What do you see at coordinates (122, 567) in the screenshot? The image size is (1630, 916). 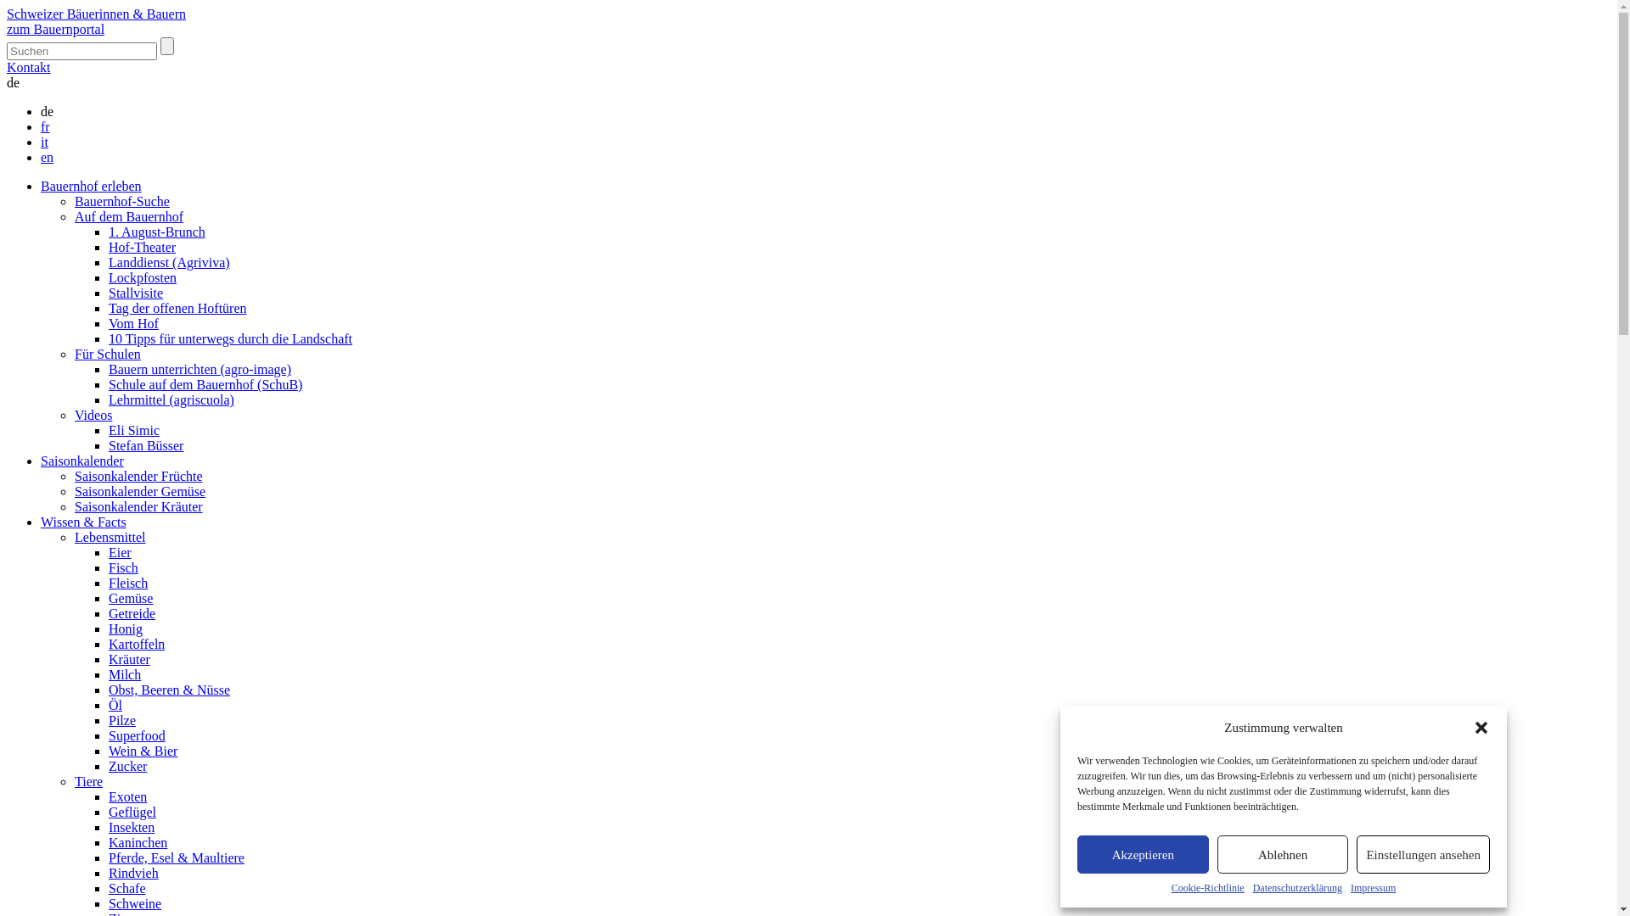 I see `'Fisch'` at bounding box center [122, 567].